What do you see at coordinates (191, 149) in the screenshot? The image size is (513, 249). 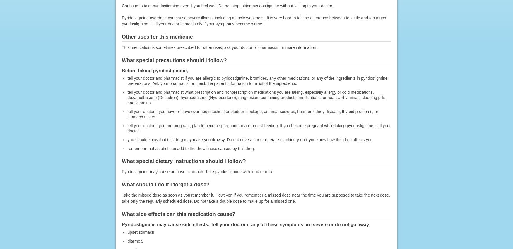 I see `'remember that alcohol can add to the drowsiness caused by this drug.'` at bounding box center [191, 149].